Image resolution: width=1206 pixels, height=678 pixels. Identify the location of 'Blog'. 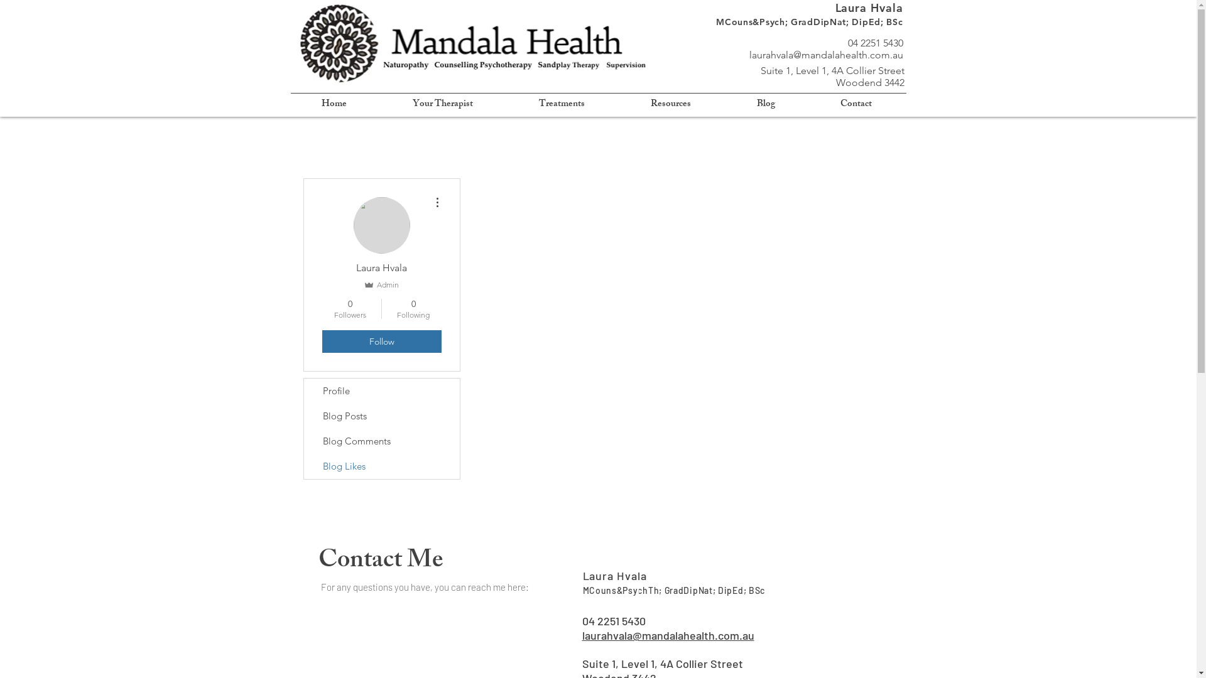
(724, 104).